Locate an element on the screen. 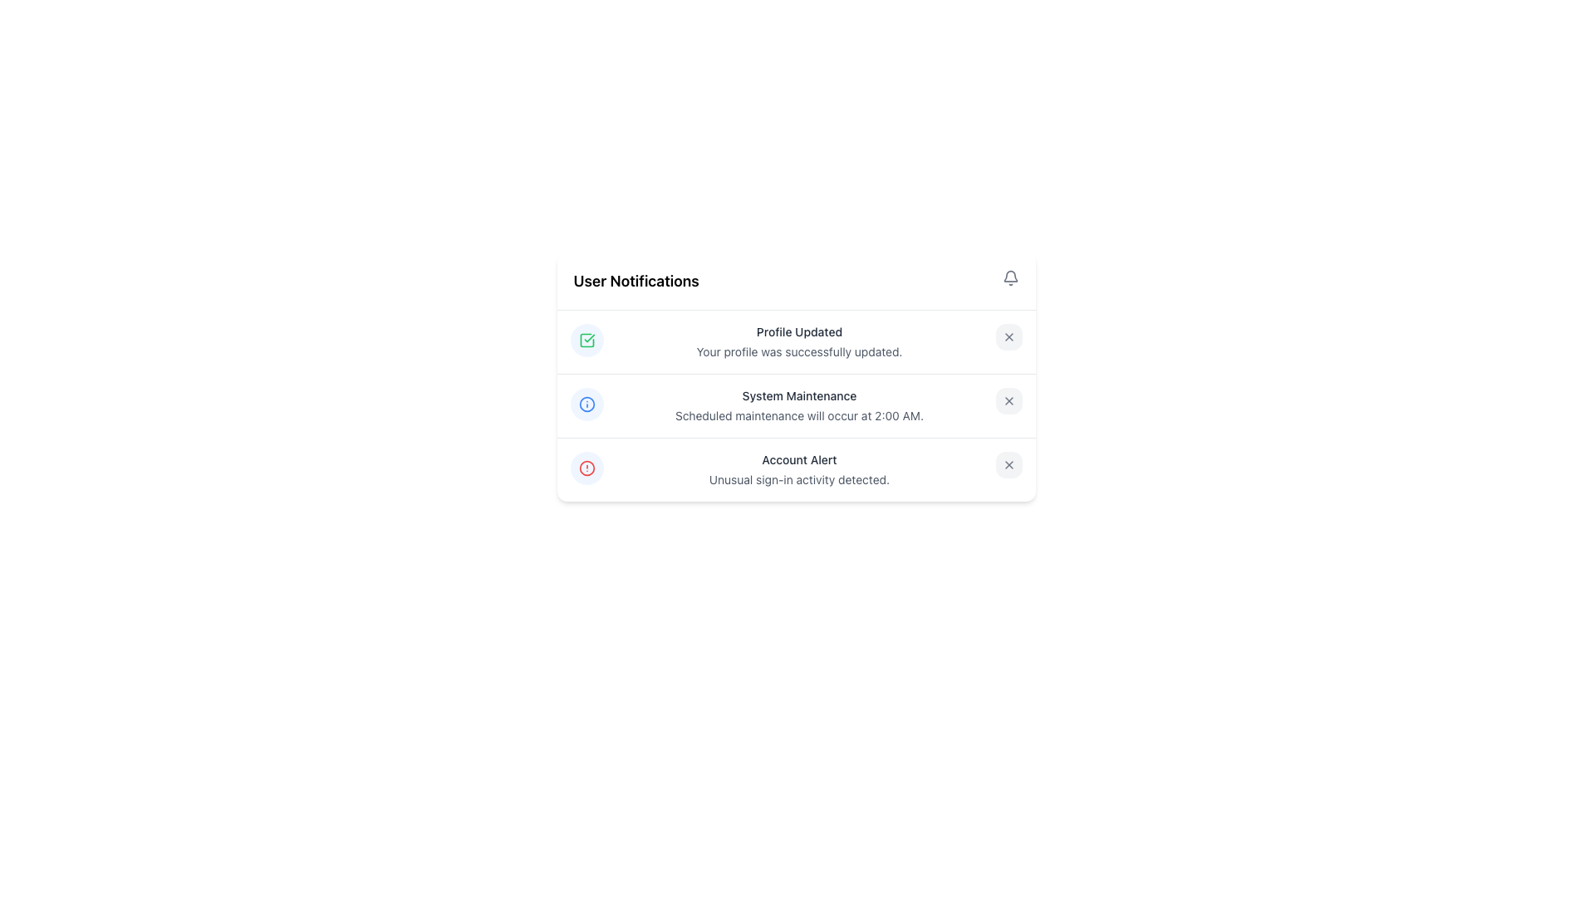 The width and height of the screenshot is (1595, 897). the circular icon with a light blue background and a red outlined alert icon located on the left side of the 'Account Alert' notification is located at coordinates (586, 468).